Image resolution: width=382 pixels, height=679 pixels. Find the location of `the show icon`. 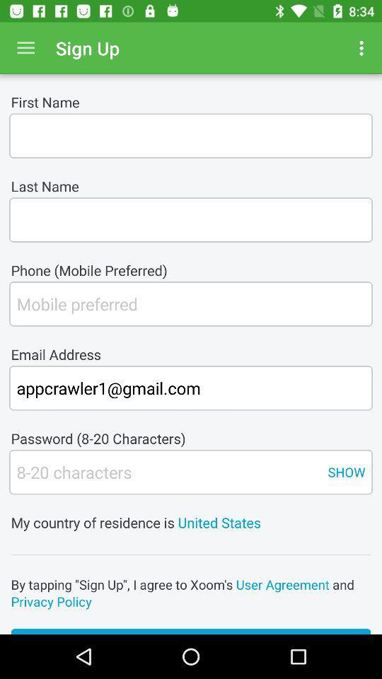

the show icon is located at coordinates (345, 472).